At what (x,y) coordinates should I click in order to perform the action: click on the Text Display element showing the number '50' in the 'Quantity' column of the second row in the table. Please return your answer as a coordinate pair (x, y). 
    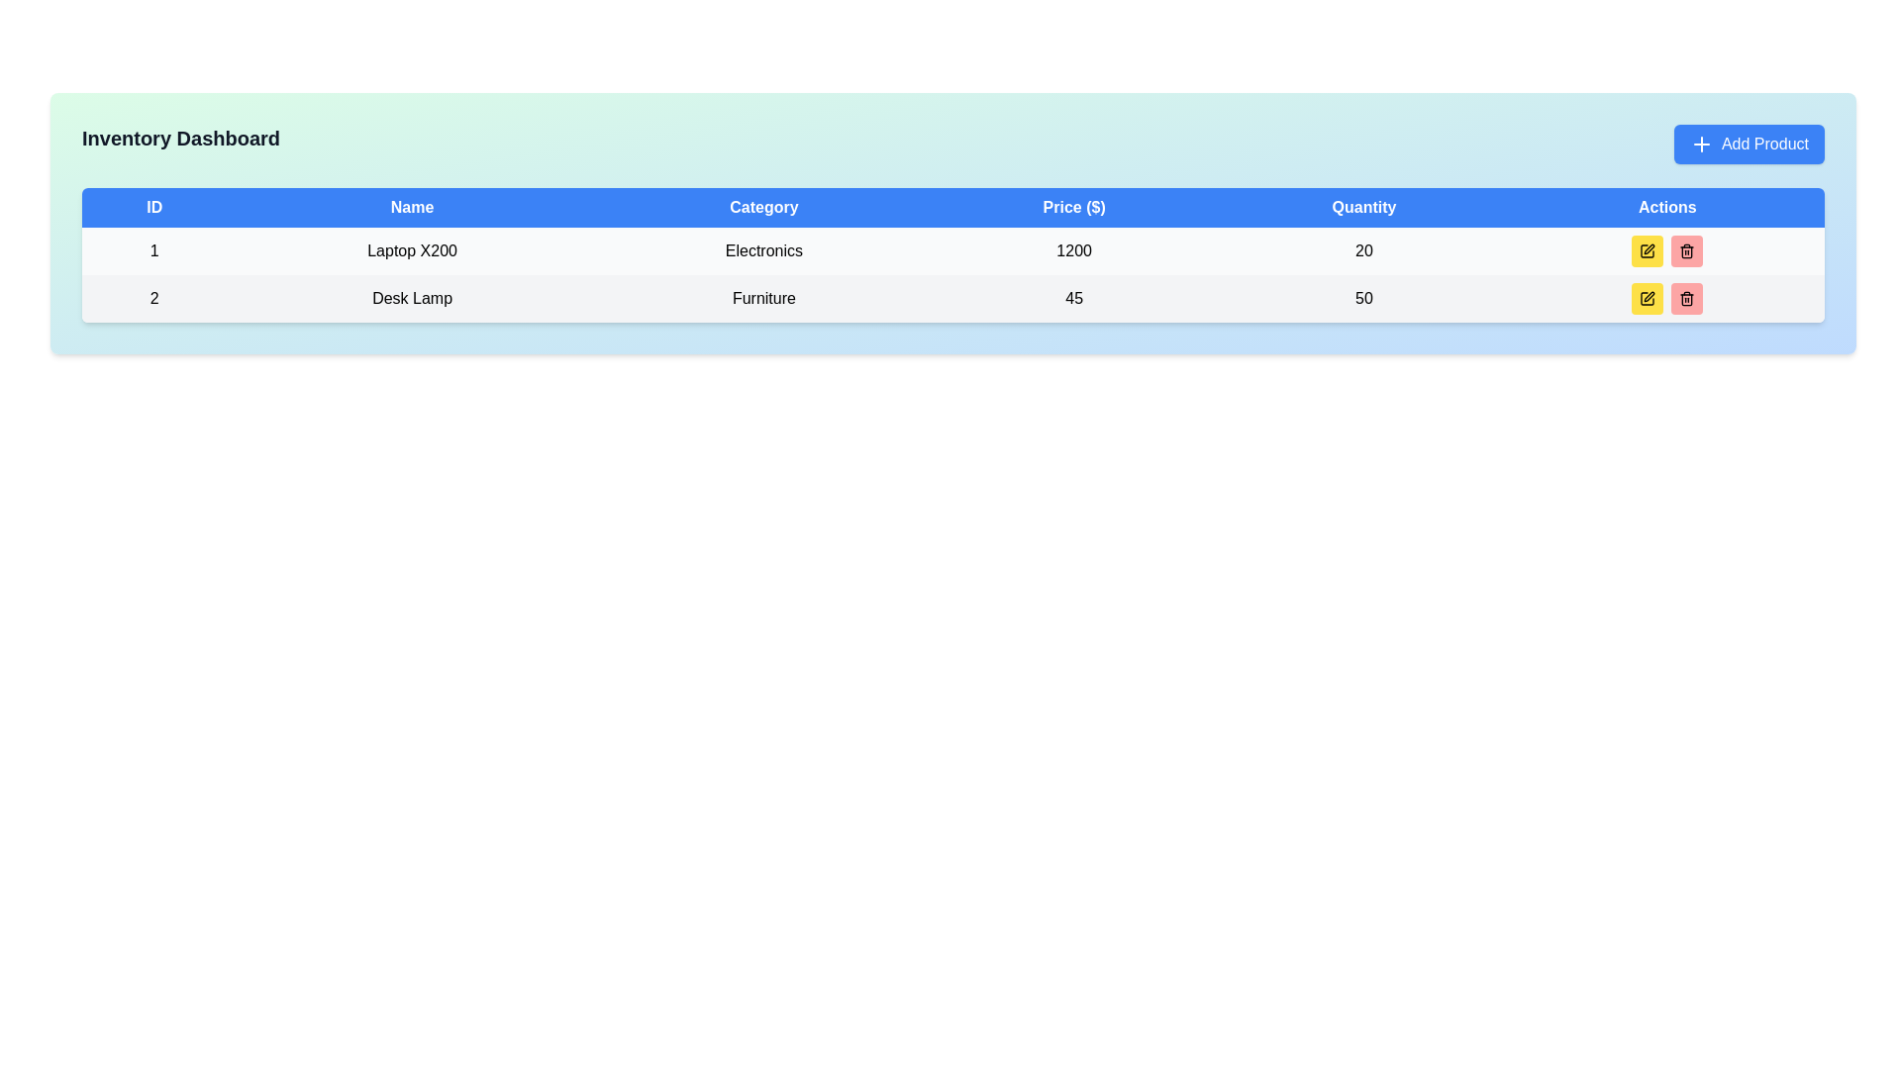
    Looking at the image, I should click on (1362, 298).